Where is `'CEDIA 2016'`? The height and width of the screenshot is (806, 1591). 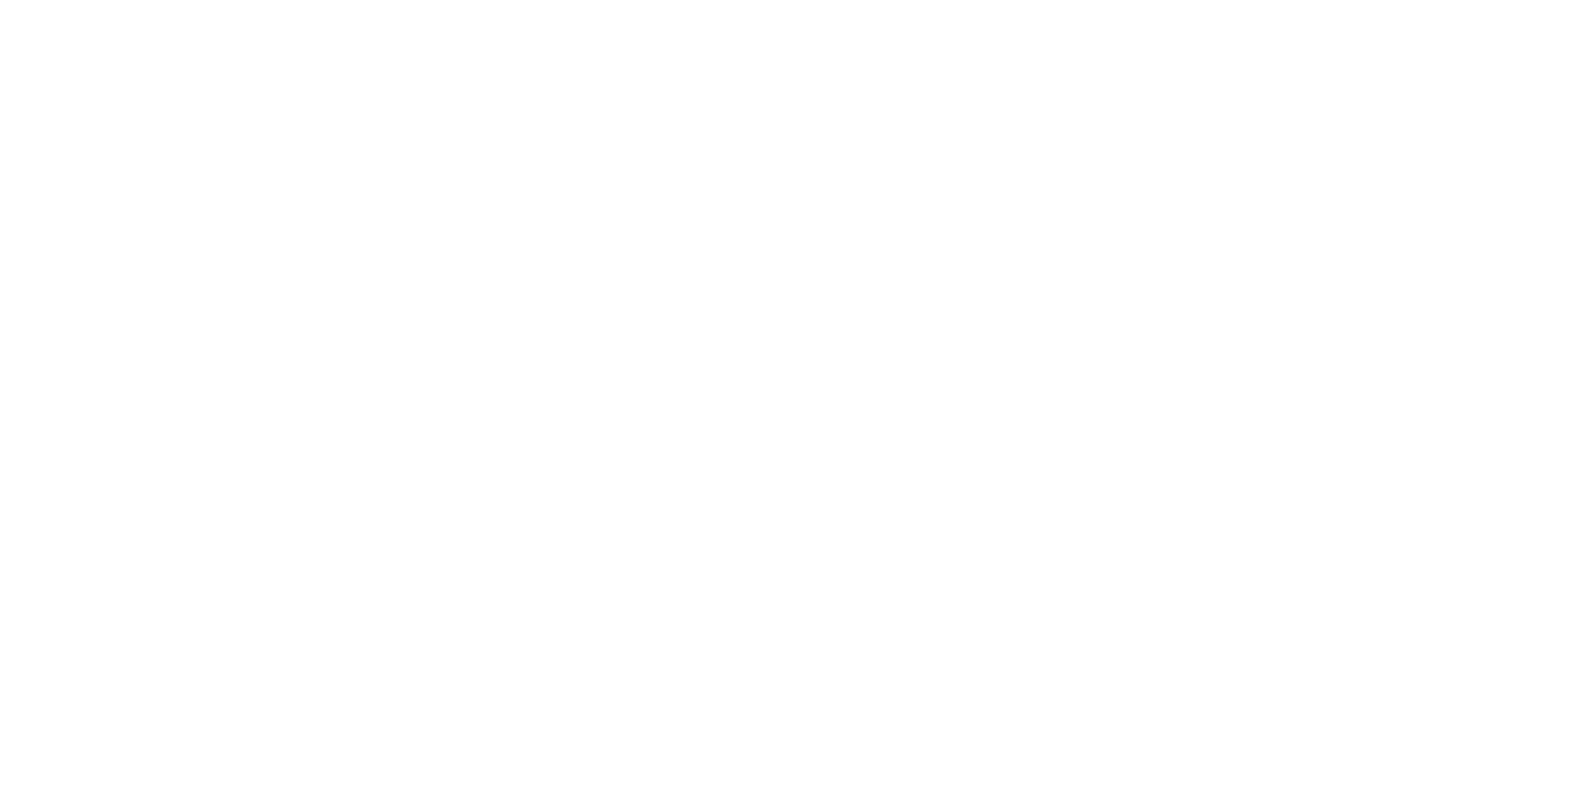 'CEDIA 2016' is located at coordinates (376, 147).